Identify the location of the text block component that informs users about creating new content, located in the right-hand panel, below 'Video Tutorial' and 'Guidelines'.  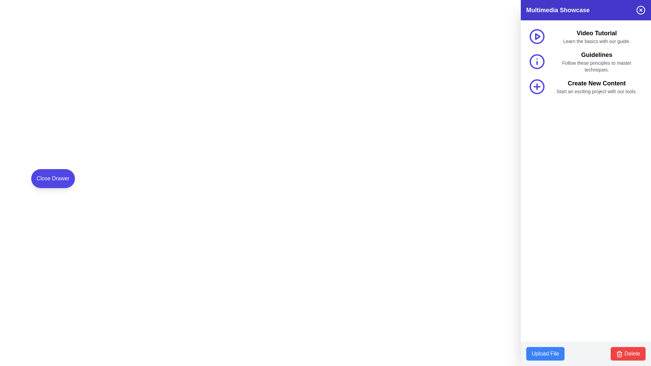
(597, 86).